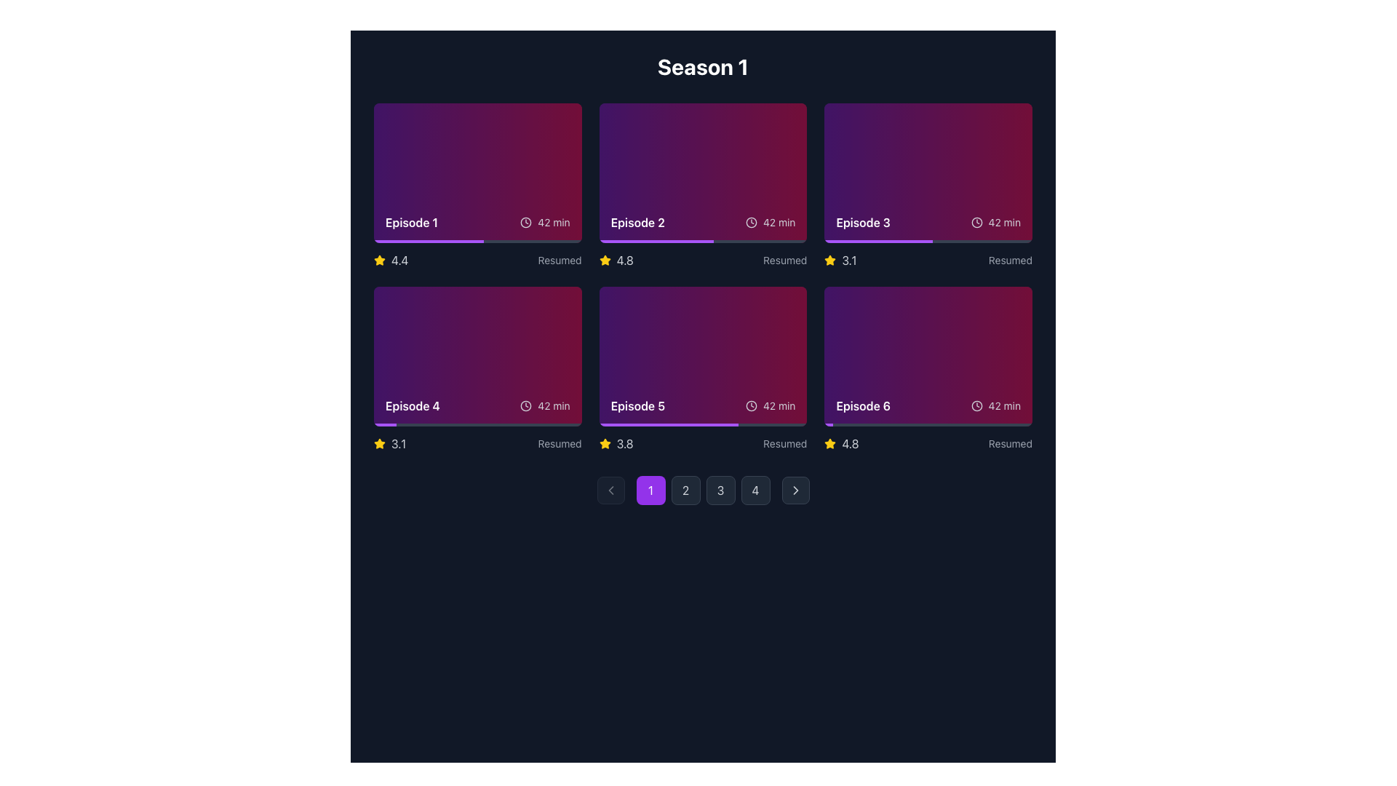 The image size is (1397, 786). Describe the element at coordinates (605, 260) in the screenshot. I see `the rating indicator icon located in the second row of the grid layout, to the left of the rating number '4.8'` at that location.